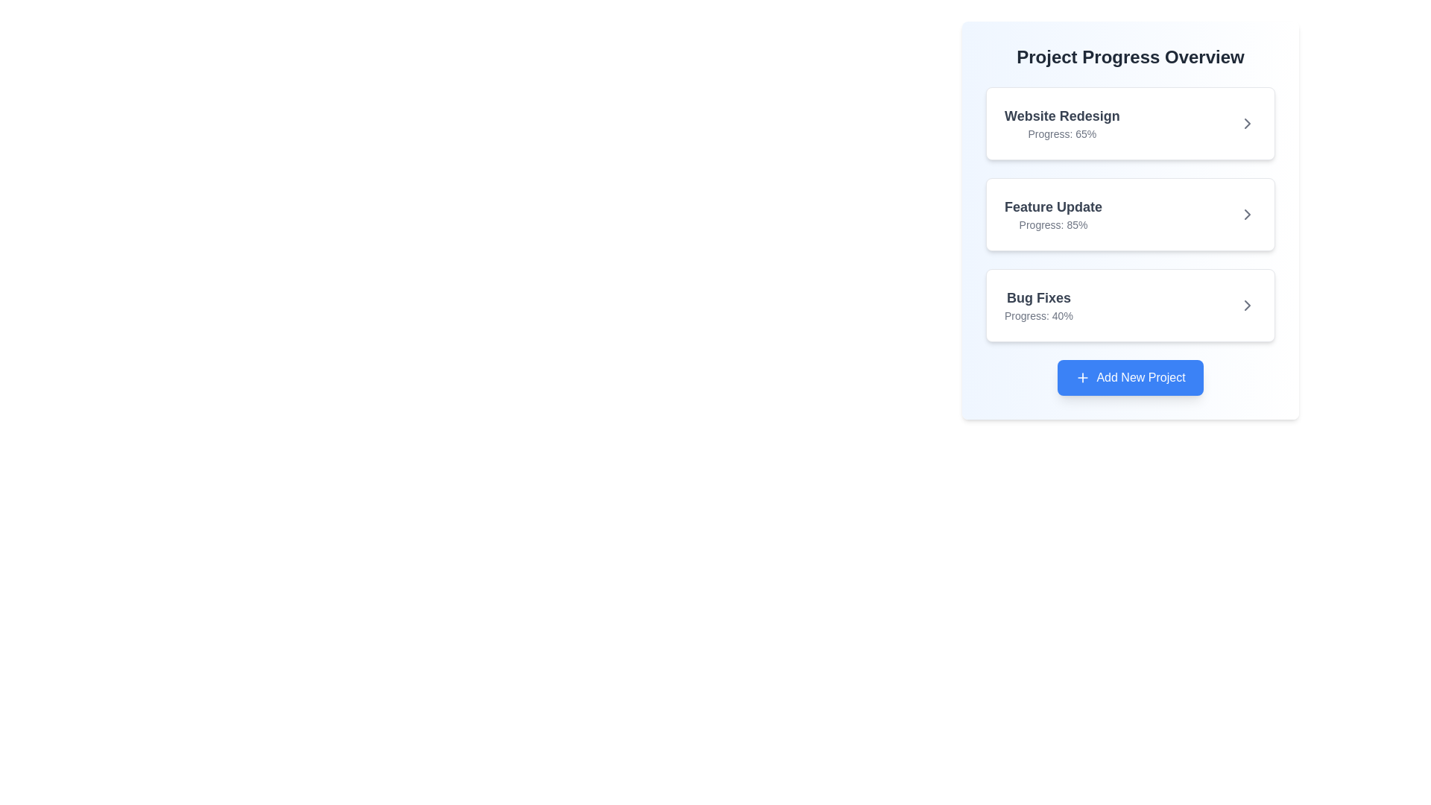 This screenshot has height=805, width=1431. I want to click on the selectable card in the 'Project Progress Overview' section, so click(1130, 304).